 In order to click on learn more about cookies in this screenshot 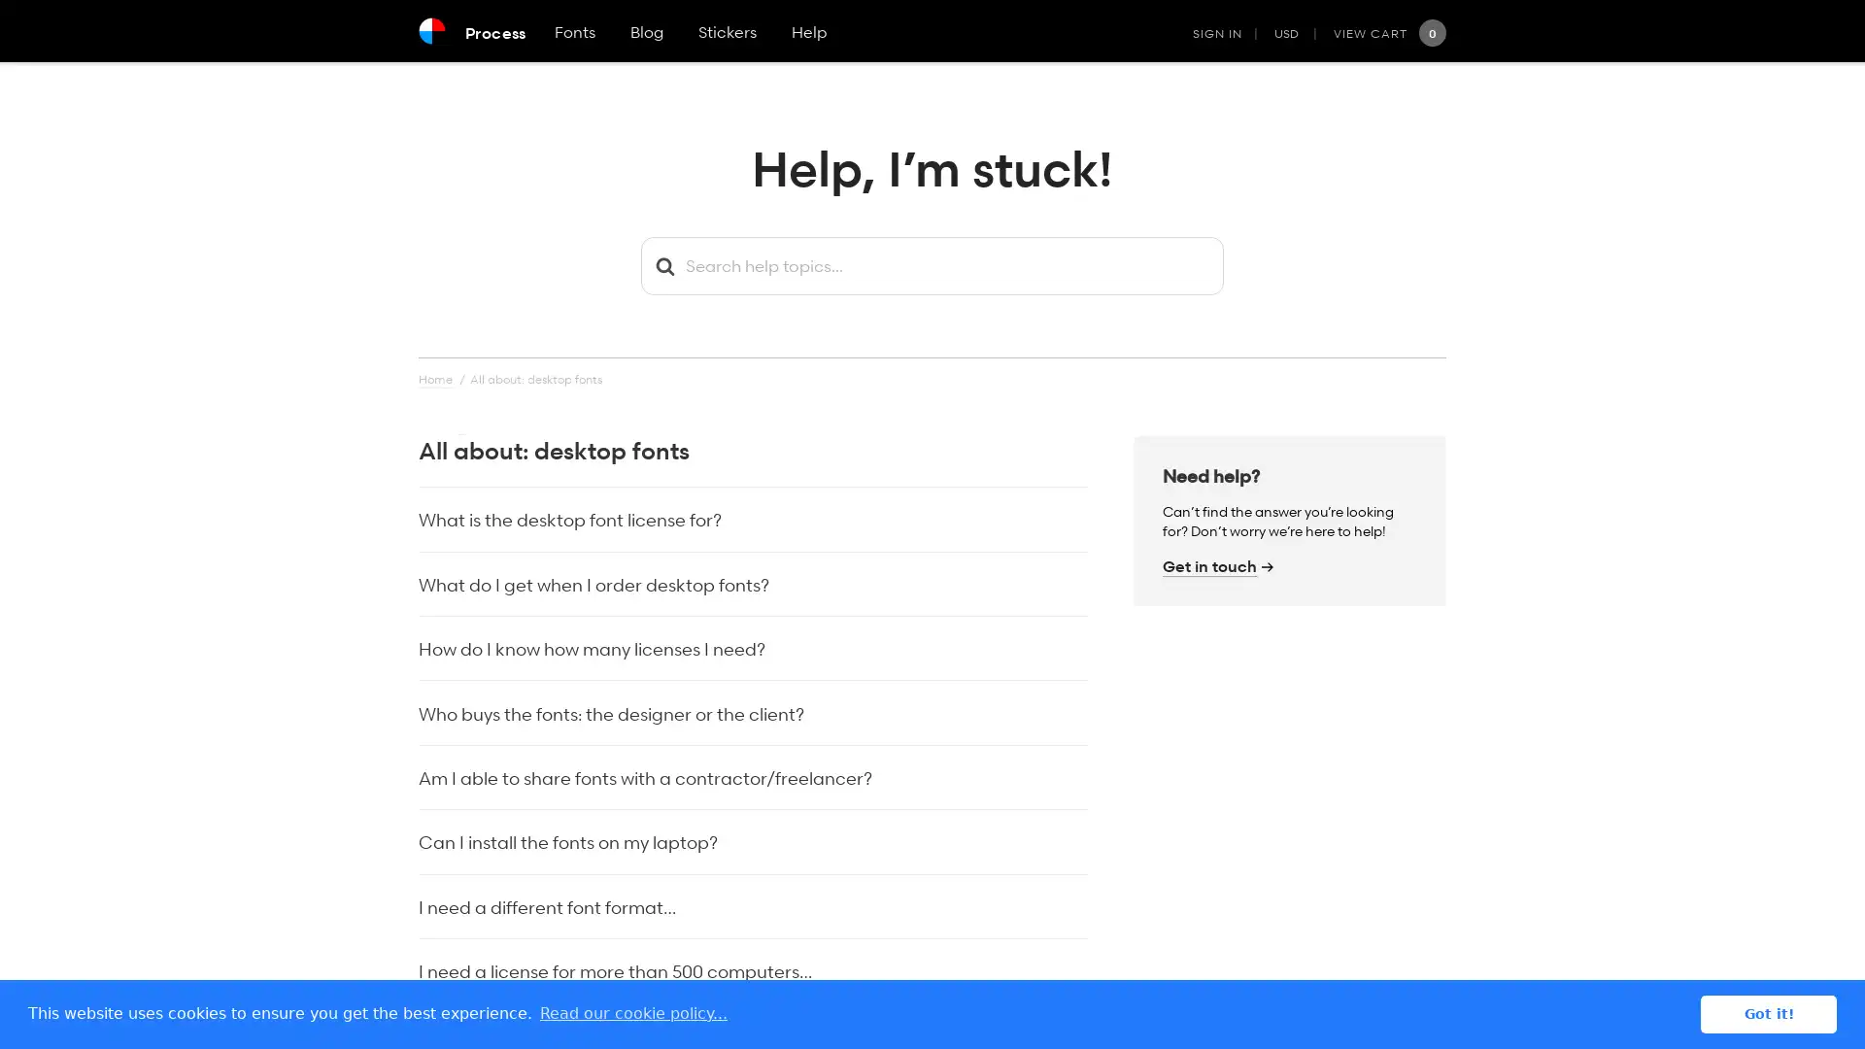, I will do `click(633, 1013)`.